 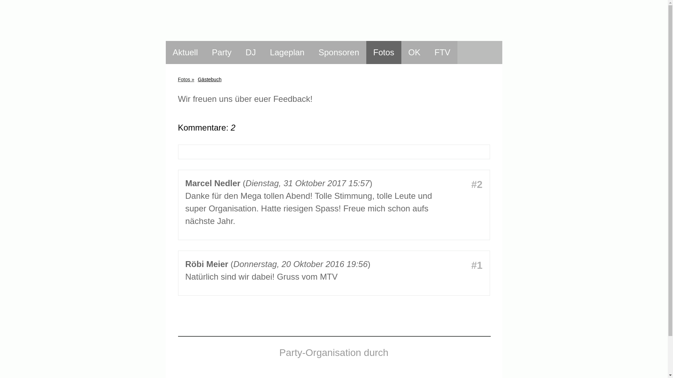 I want to click on 'Party', so click(x=222, y=52).